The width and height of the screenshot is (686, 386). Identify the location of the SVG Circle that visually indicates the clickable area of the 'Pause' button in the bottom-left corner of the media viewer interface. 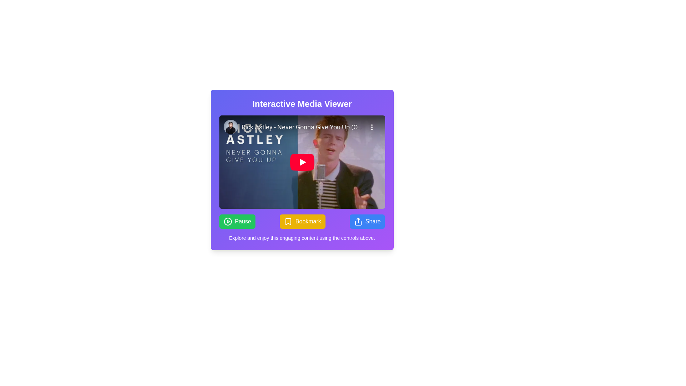
(227, 221).